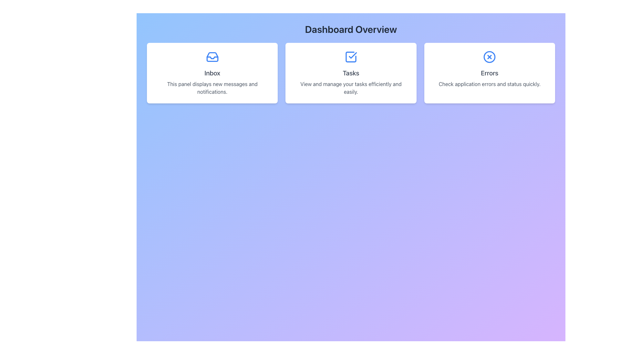  Describe the element at coordinates (212, 57) in the screenshot. I see `the decorative icon representing the 'Inbox' panel located at the center top of the 'Inbox' card` at that location.